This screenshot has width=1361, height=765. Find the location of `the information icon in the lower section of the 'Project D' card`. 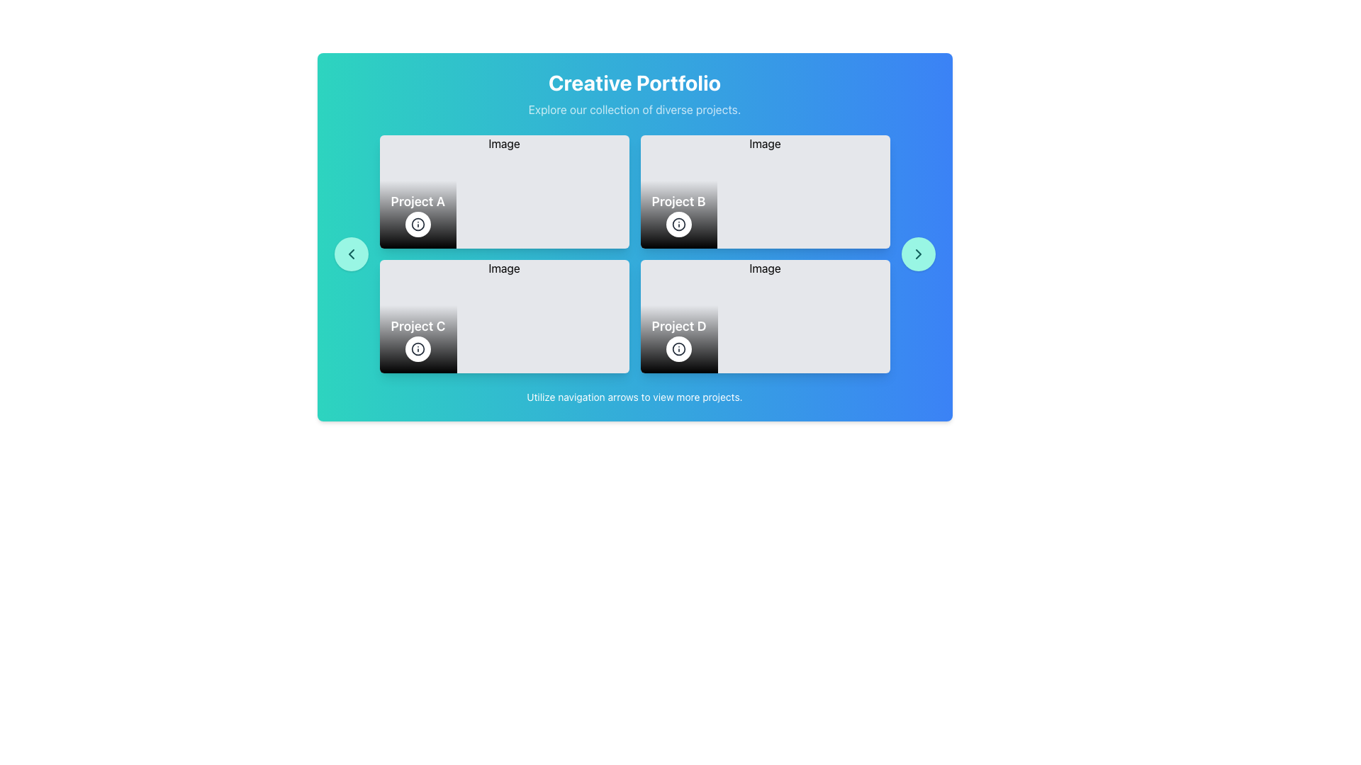

the information icon in the lower section of the 'Project D' card is located at coordinates (678, 349).